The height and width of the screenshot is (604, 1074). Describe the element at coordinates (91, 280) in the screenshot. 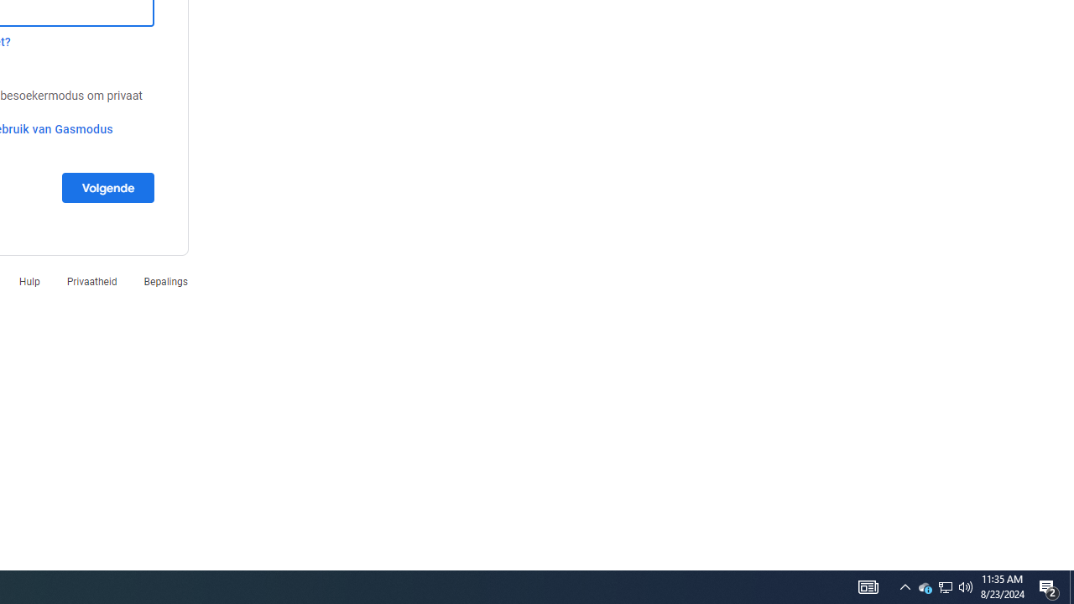

I see `'Privaatheid'` at that location.